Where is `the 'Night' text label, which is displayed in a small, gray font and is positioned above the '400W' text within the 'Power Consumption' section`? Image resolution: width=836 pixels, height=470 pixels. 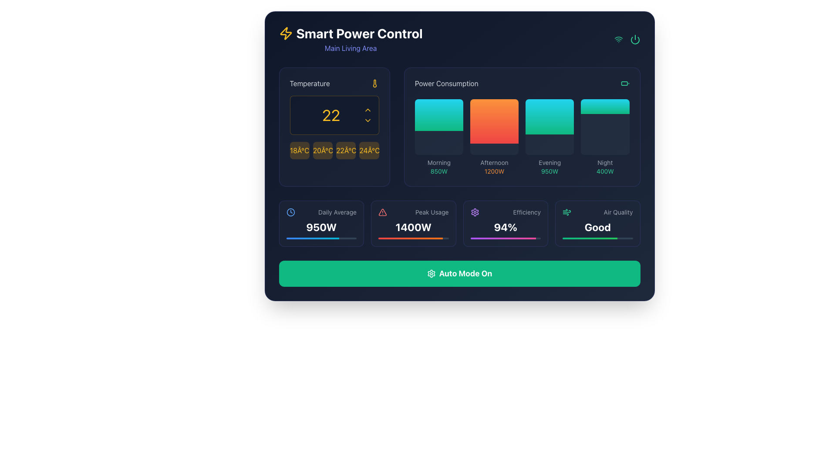
the 'Night' text label, which is displayed in a small, gray font and is positioned above the '400W' text within the 'Power Consumption' section is located at coordinates (604, 163).